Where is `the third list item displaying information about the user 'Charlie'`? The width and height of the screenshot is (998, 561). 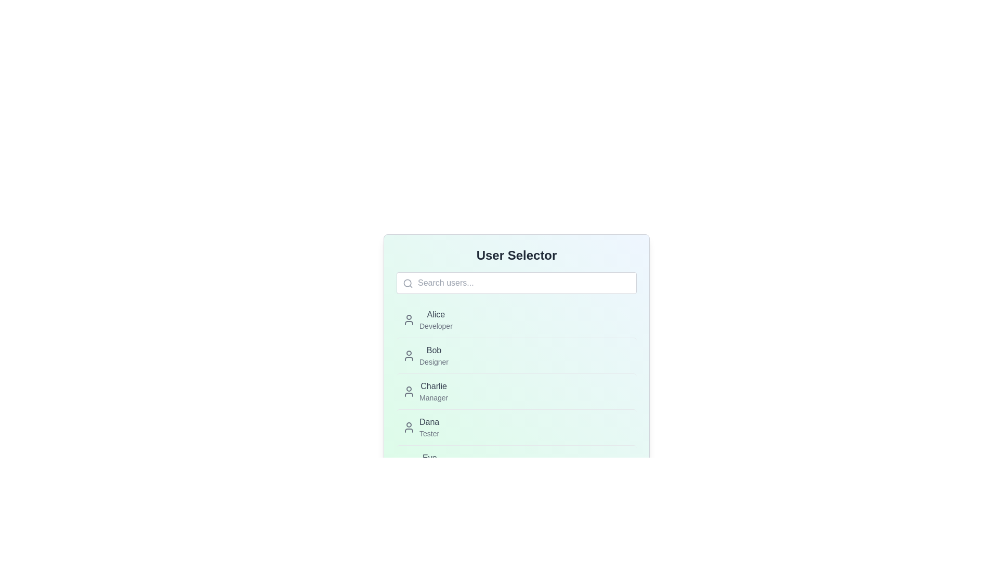 the third list item displaying information about the user 'Charlie' is located at coordinates (425, 391).